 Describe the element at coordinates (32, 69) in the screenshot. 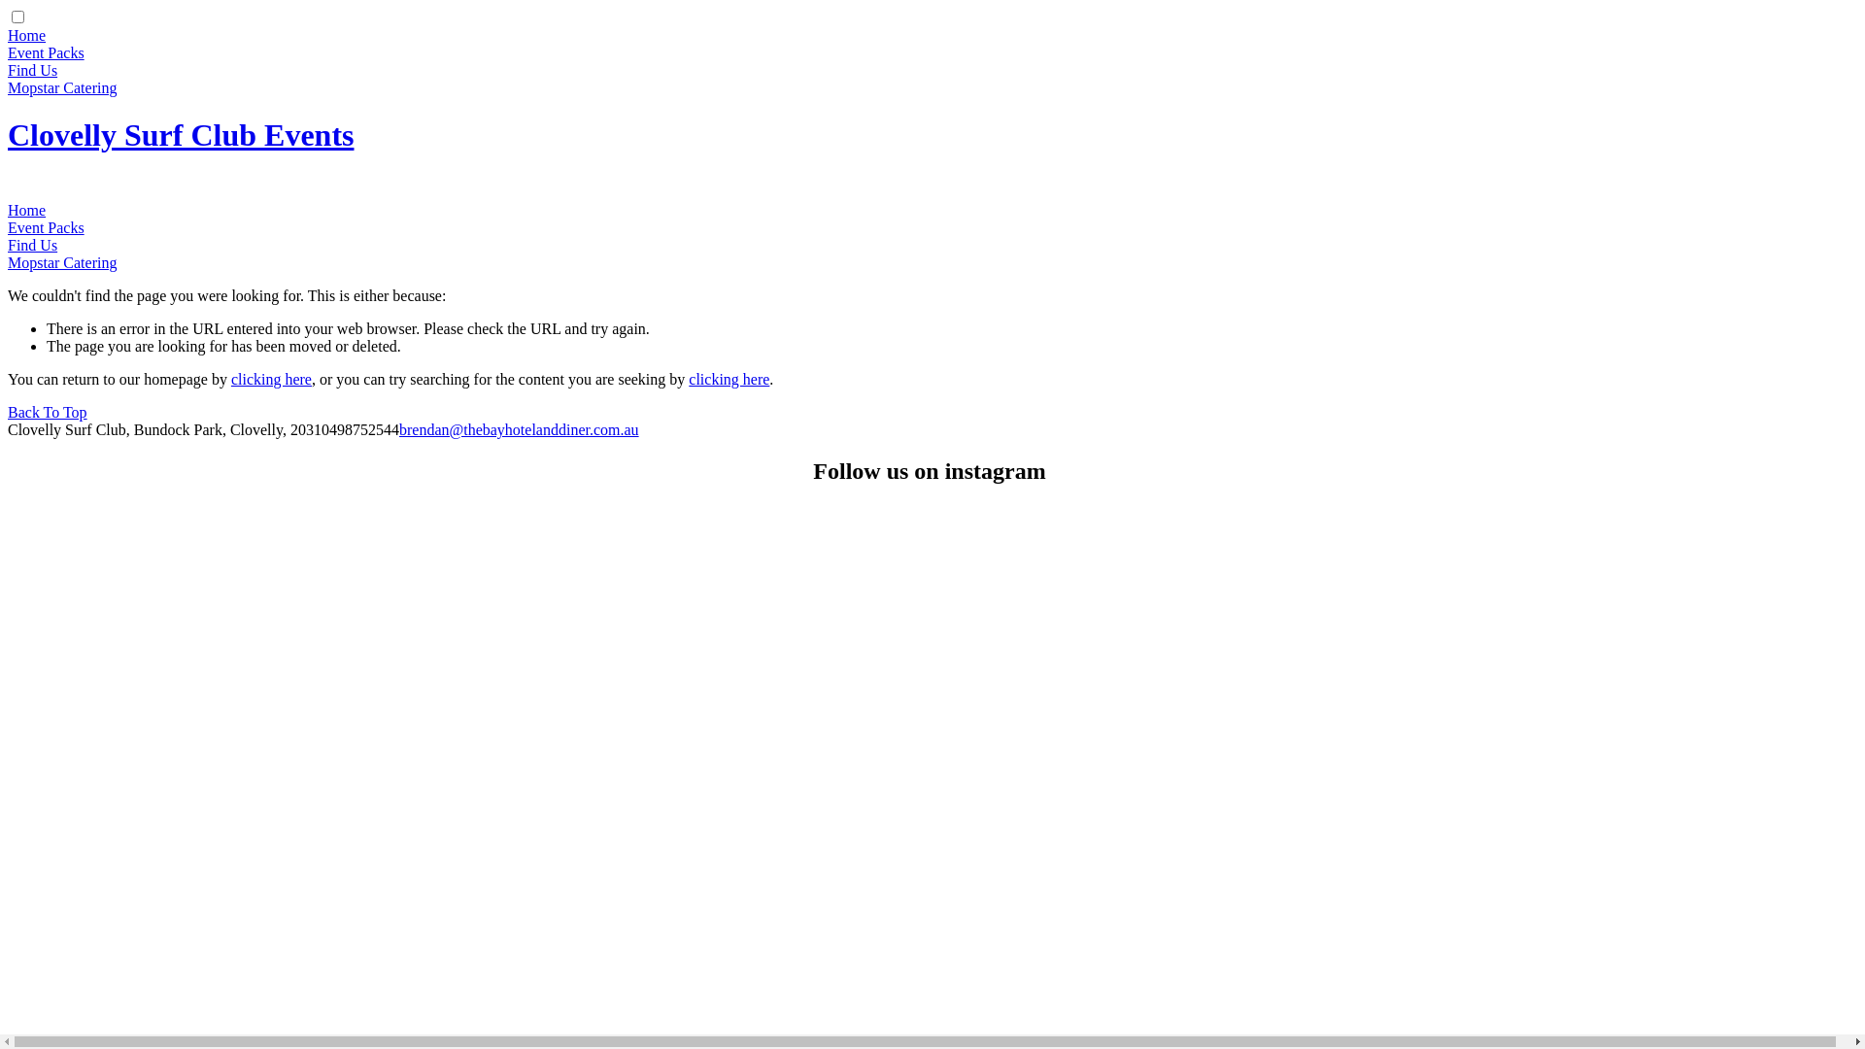

I see `'Find Us'` at that location.